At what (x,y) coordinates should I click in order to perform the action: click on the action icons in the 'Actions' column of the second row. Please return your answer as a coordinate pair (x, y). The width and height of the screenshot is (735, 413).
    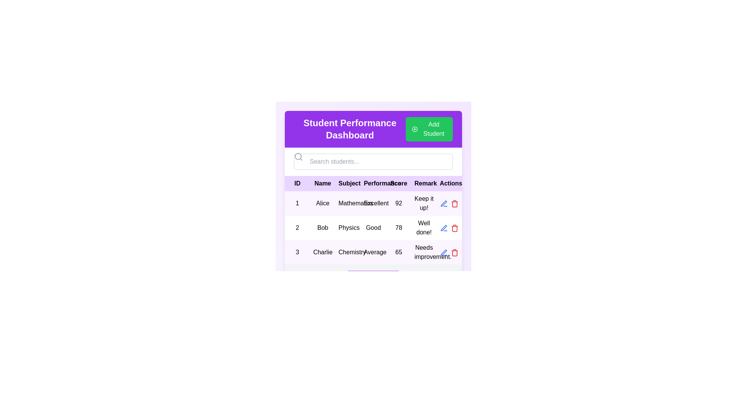
    Looking at the image, I should click on (449, 228).